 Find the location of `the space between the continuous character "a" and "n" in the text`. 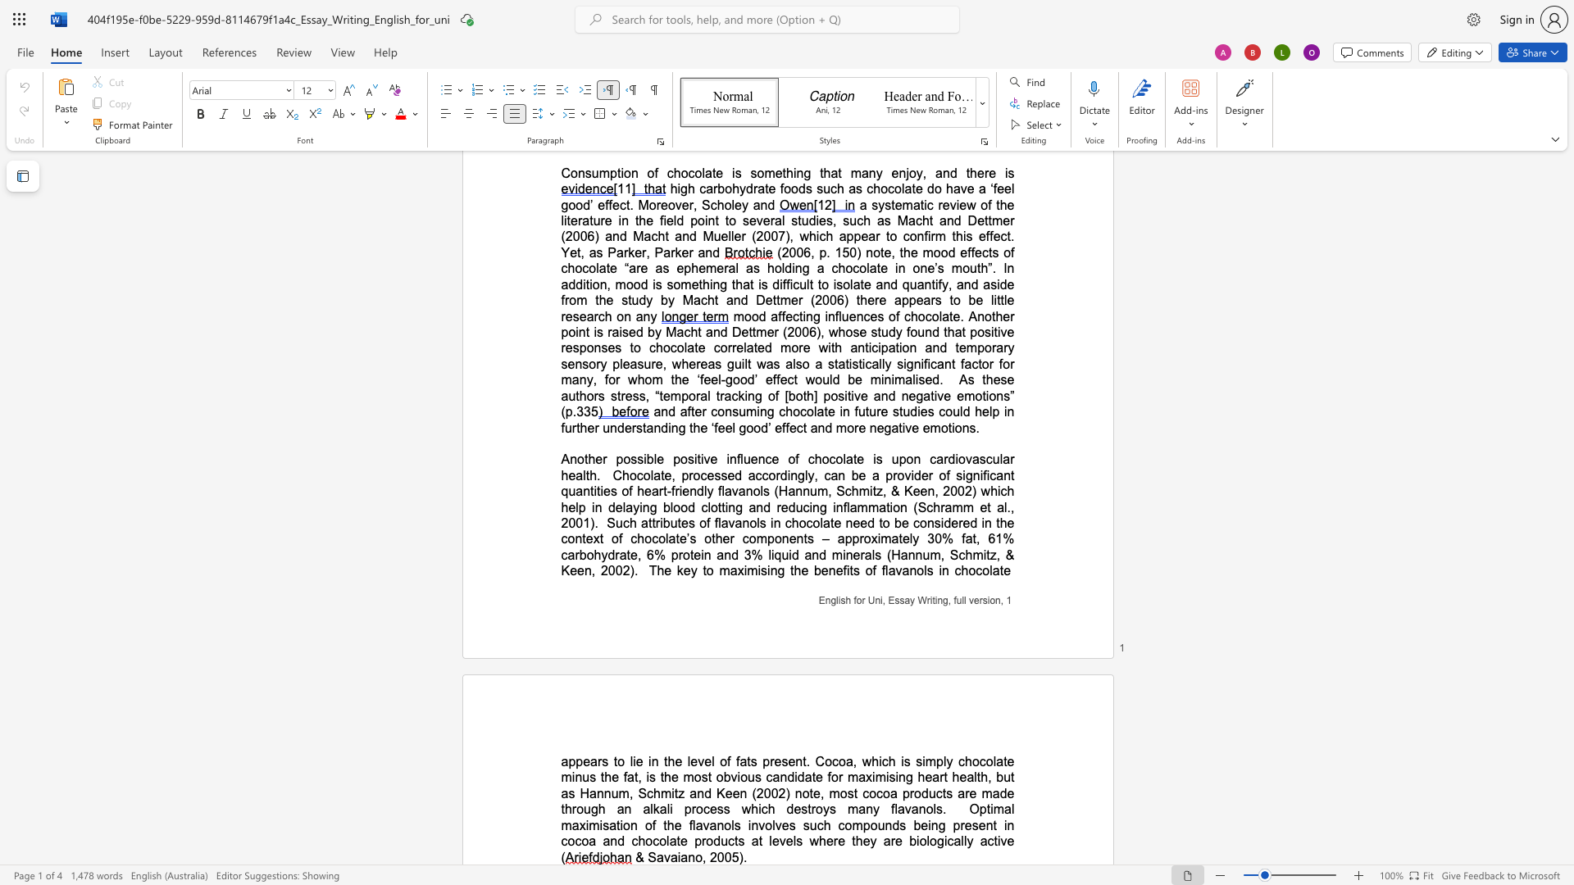

the space between the continuous character "a" and "n" in the text is located at coordinates (688, 855).